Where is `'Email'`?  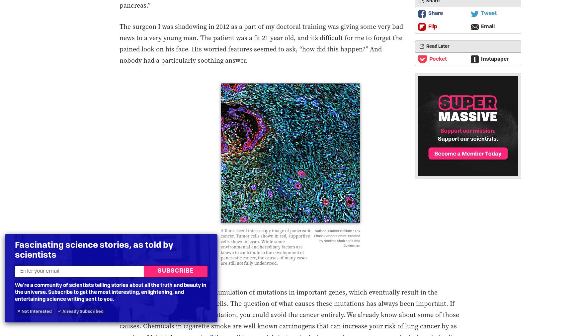 'Email' is located at coordinates (488, 27).